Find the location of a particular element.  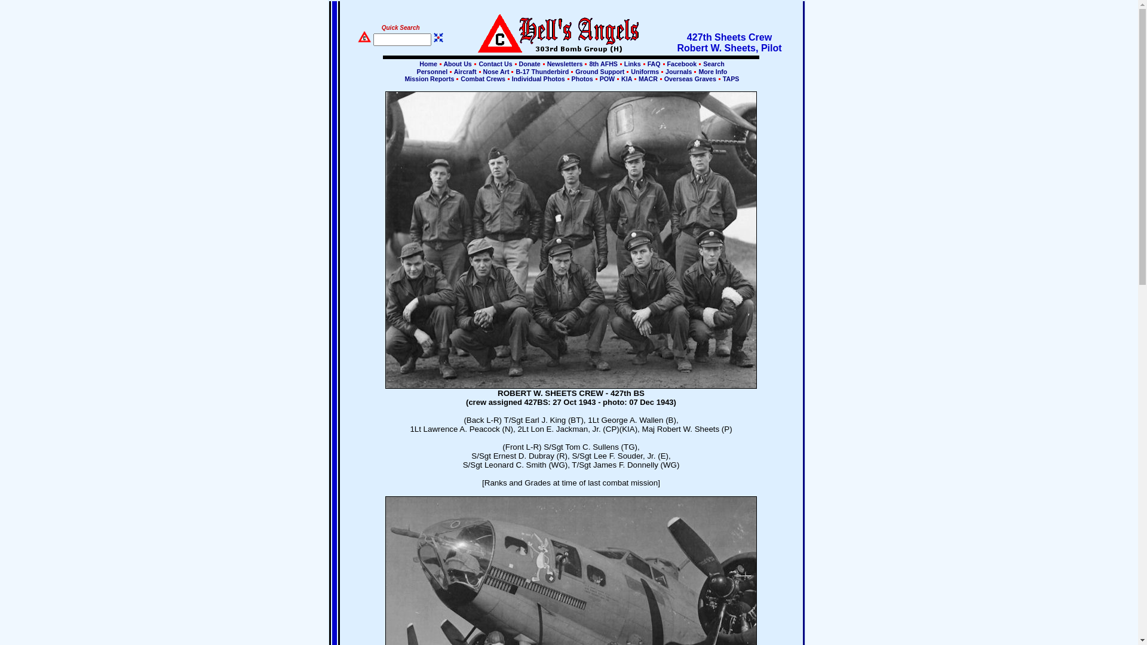

'8th AFHS' is located at coordinates (603, 64).